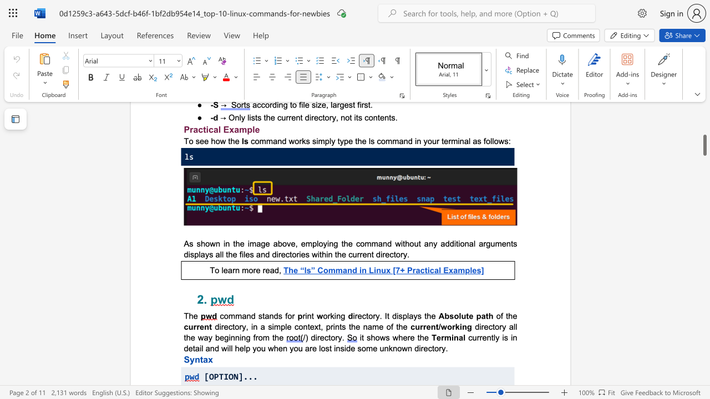 This screenshot has width=710, height=399. What do you see at coordinates (303, 337) in the screenshot?
I see `the subset text "/) dir" within the text "/) directory."` at bounding box center [303, 337].